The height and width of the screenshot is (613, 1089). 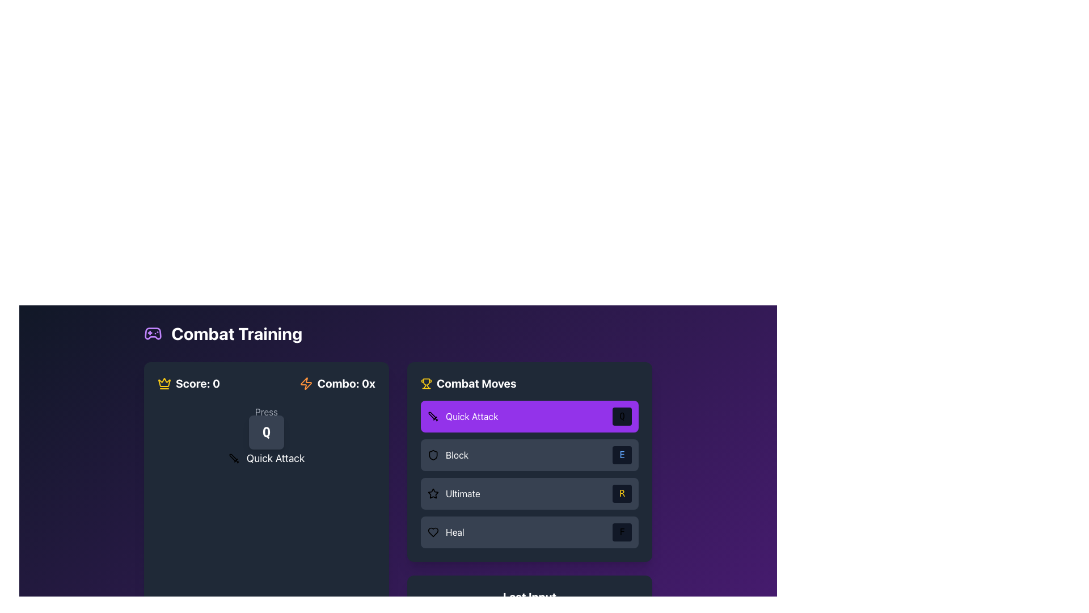 What do you see at coordinates (448, 455) in the screenshot?
I see `the label consisting of a shield icon and the text 'Block', located as the second item in the list of combat moves, under 'Quick Attack' and above 'Ultimate'` at bounding box center [448, 455].